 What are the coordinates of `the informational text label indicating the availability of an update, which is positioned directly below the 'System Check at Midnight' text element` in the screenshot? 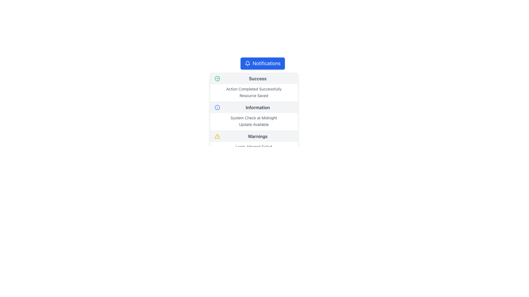 It's located at (253, 124).